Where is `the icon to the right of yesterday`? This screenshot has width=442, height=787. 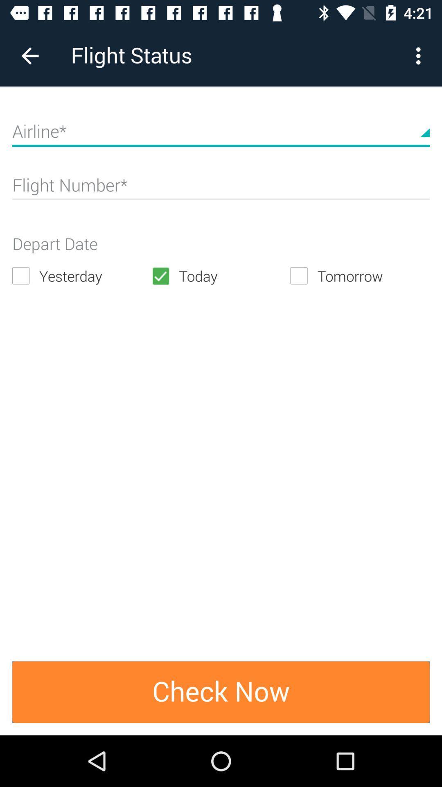 the icon to the right of yesterday is located at coordinates (220, 276).